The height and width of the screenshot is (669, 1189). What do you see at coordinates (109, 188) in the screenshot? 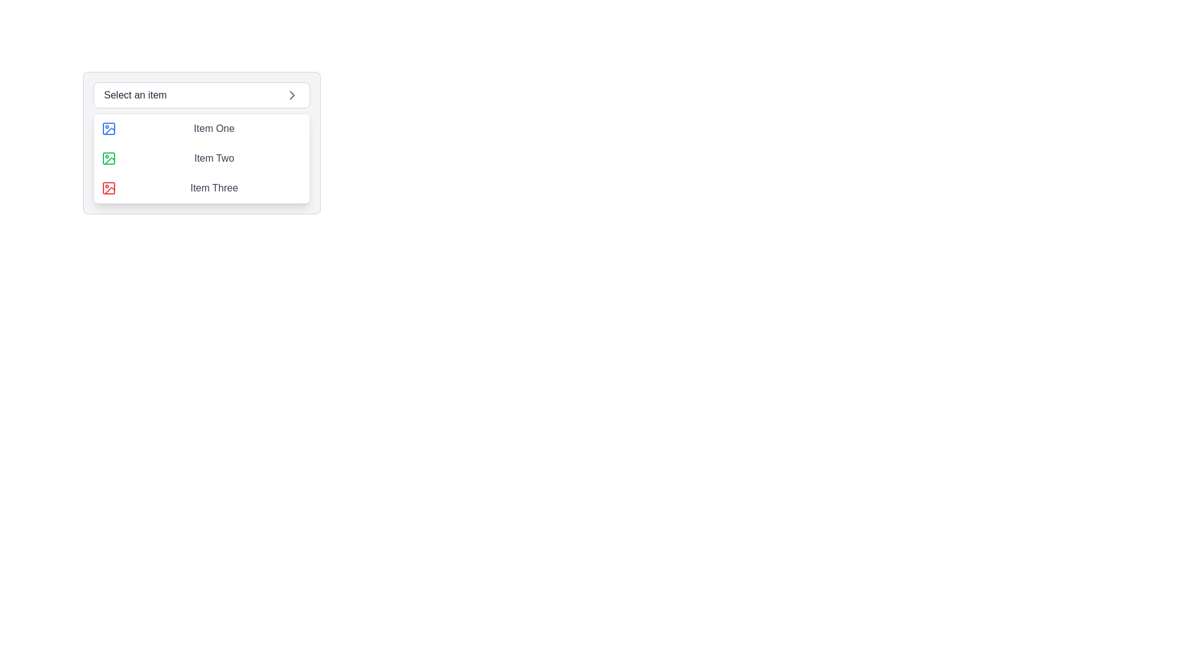
I see `the graphical icon representing the 'Item Three' option in the dropdown menu, located at the leftmost side adjacent to the text label` at bounding box center [109, 188].